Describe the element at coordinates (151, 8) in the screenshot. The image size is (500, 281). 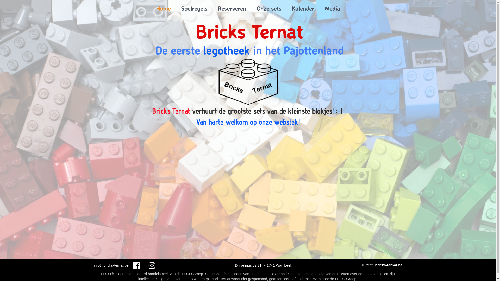
I see `'Home'` at that location.